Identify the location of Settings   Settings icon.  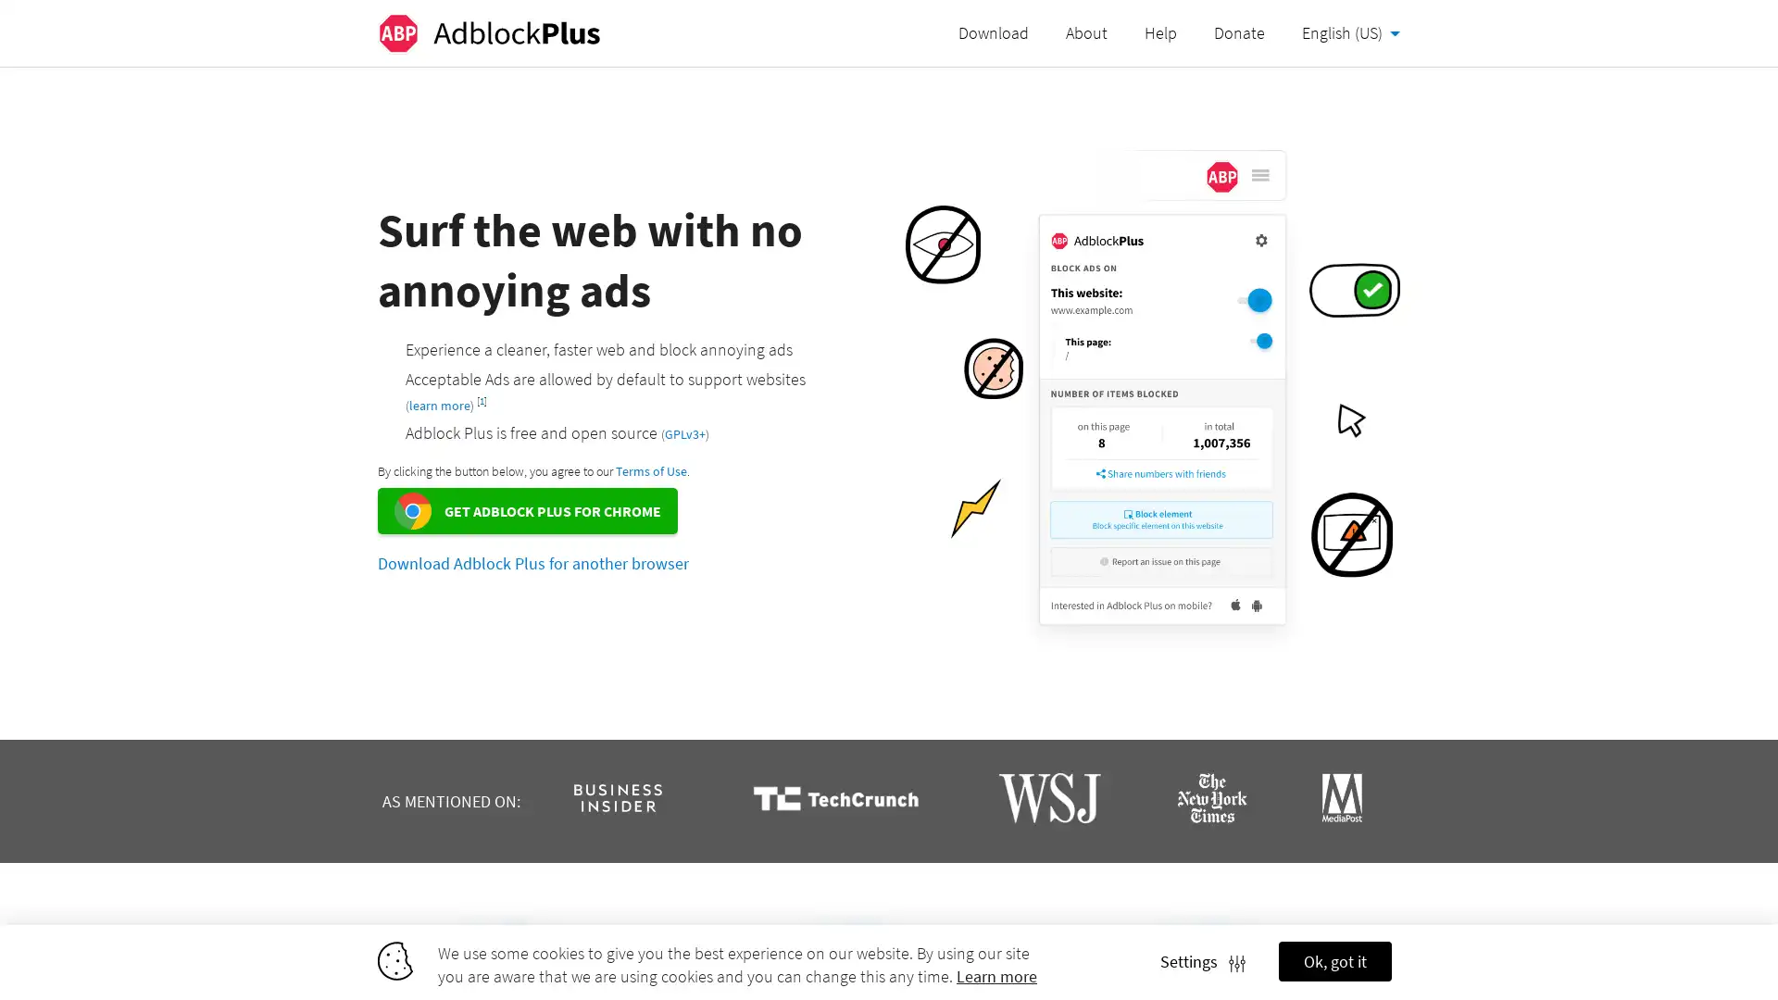
(1203, 959).